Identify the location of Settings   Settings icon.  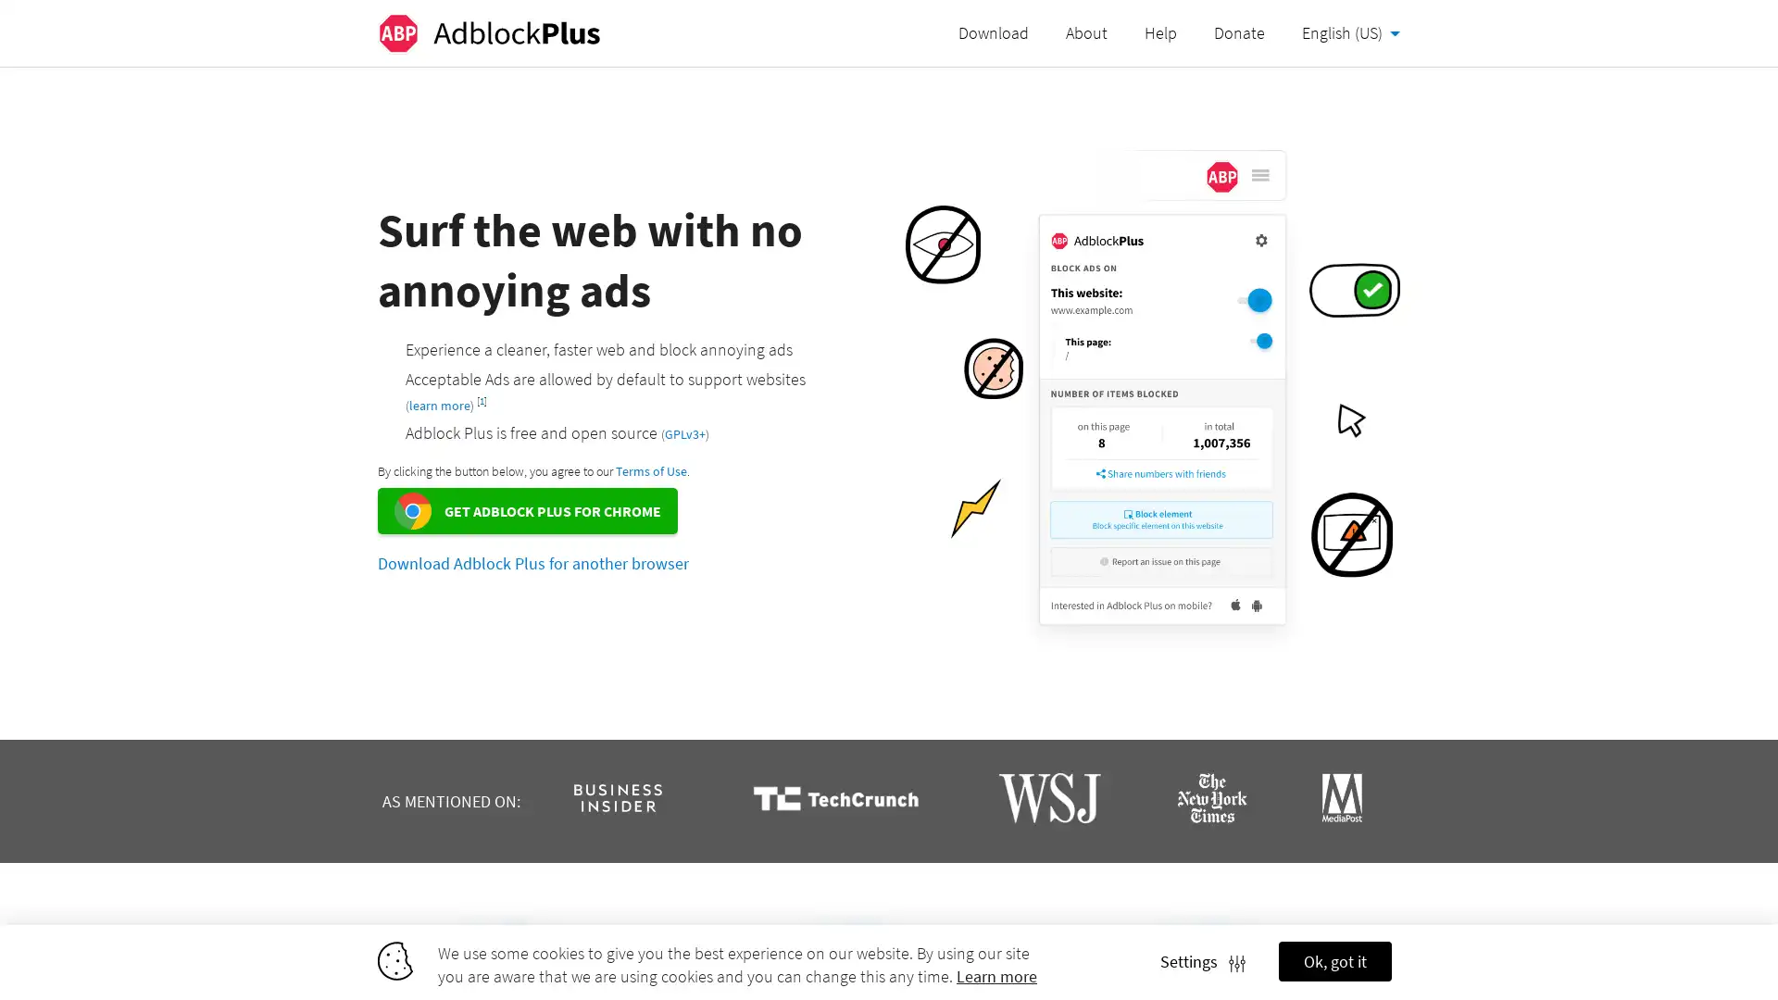
(1203, 959).